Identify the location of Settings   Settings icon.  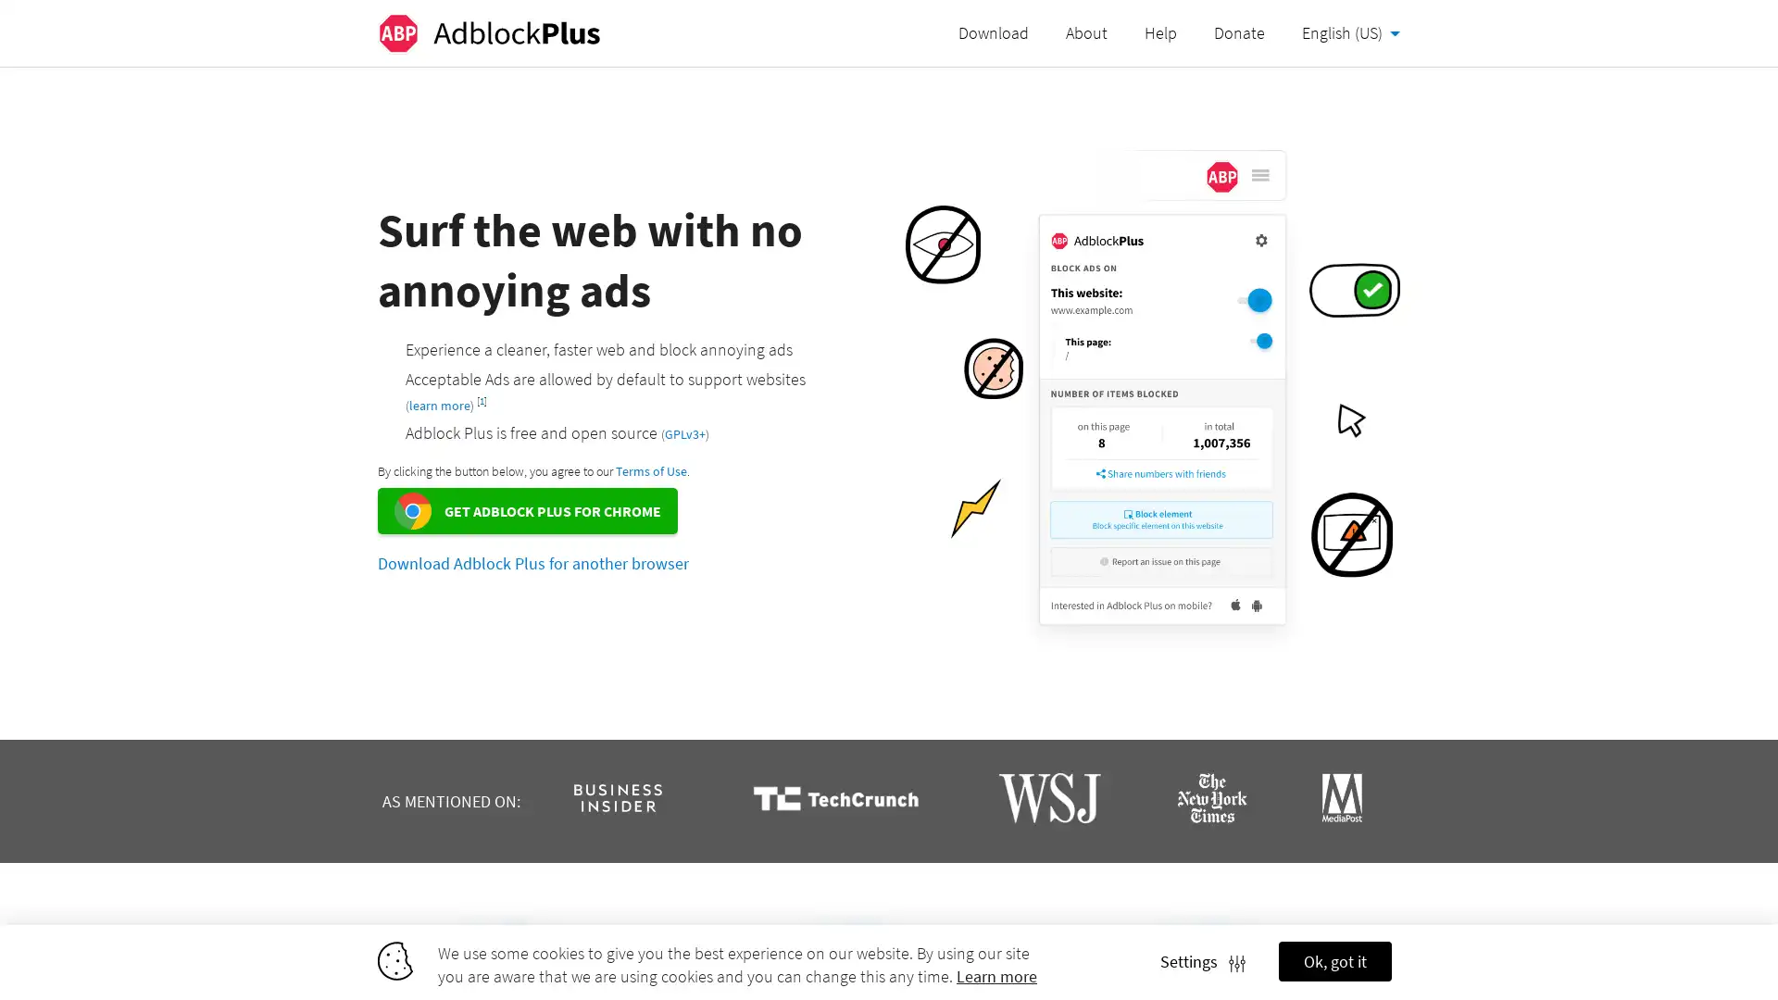
(1203, 959).